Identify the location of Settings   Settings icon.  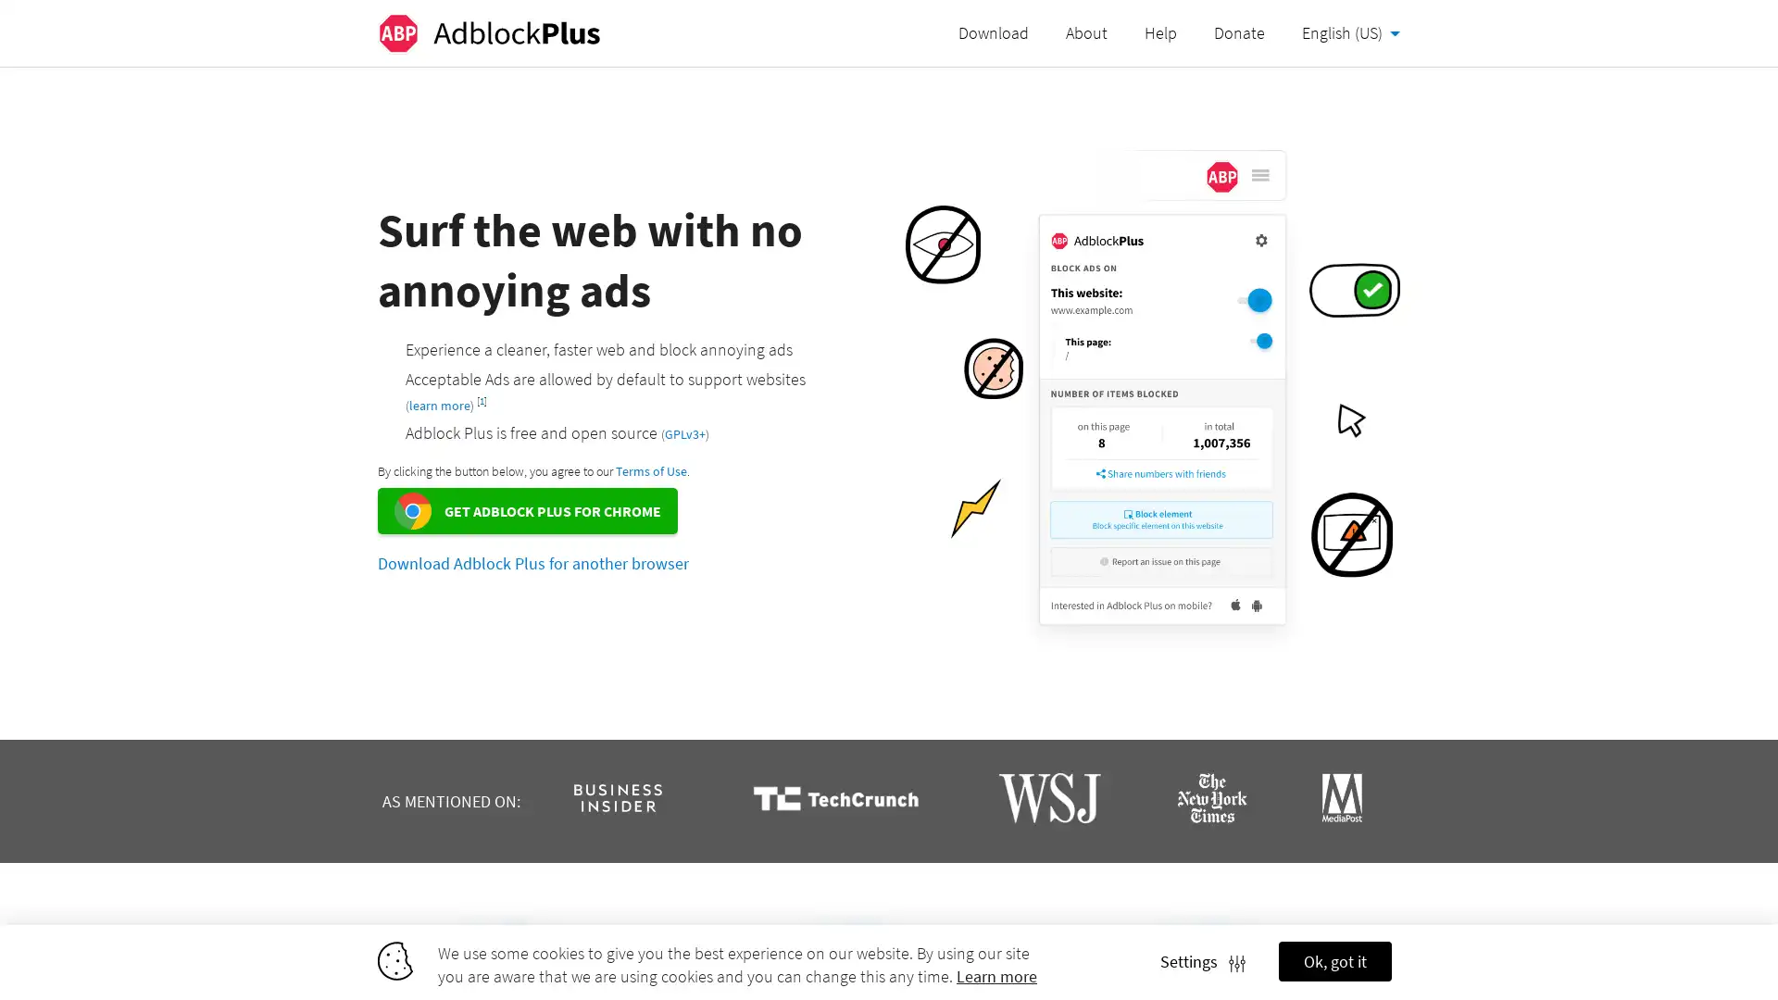
(1203, 959).